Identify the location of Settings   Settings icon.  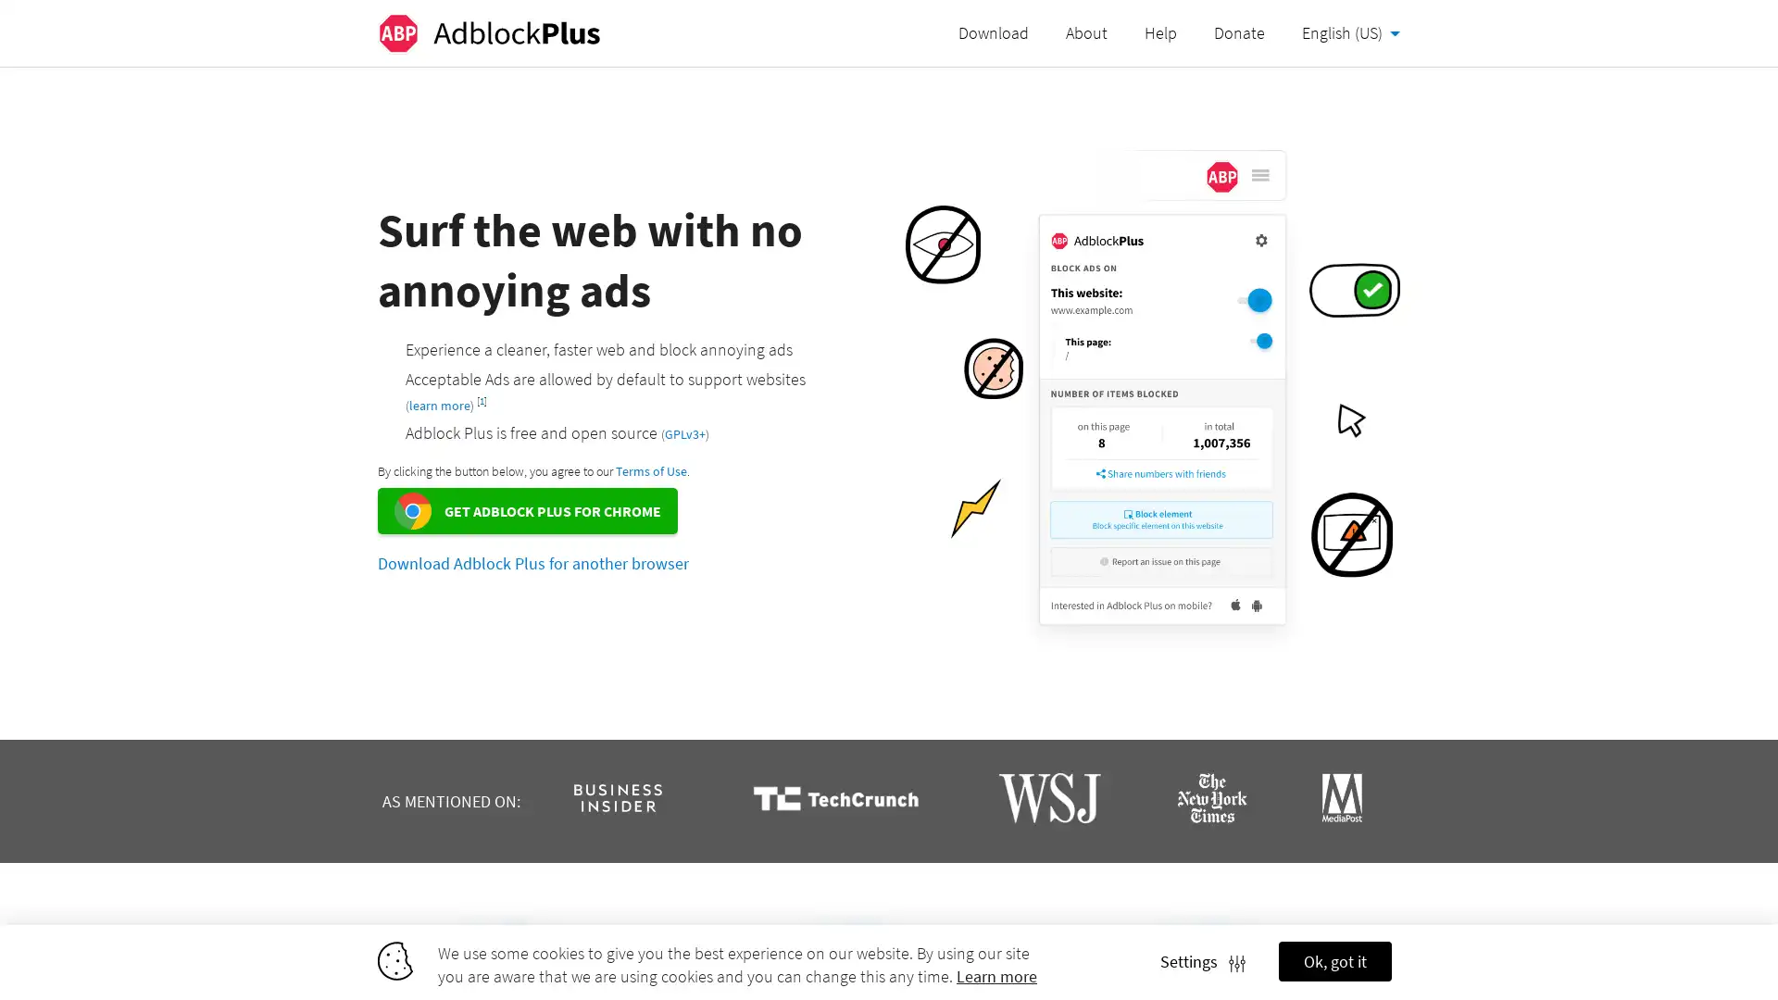
(1203, 959).